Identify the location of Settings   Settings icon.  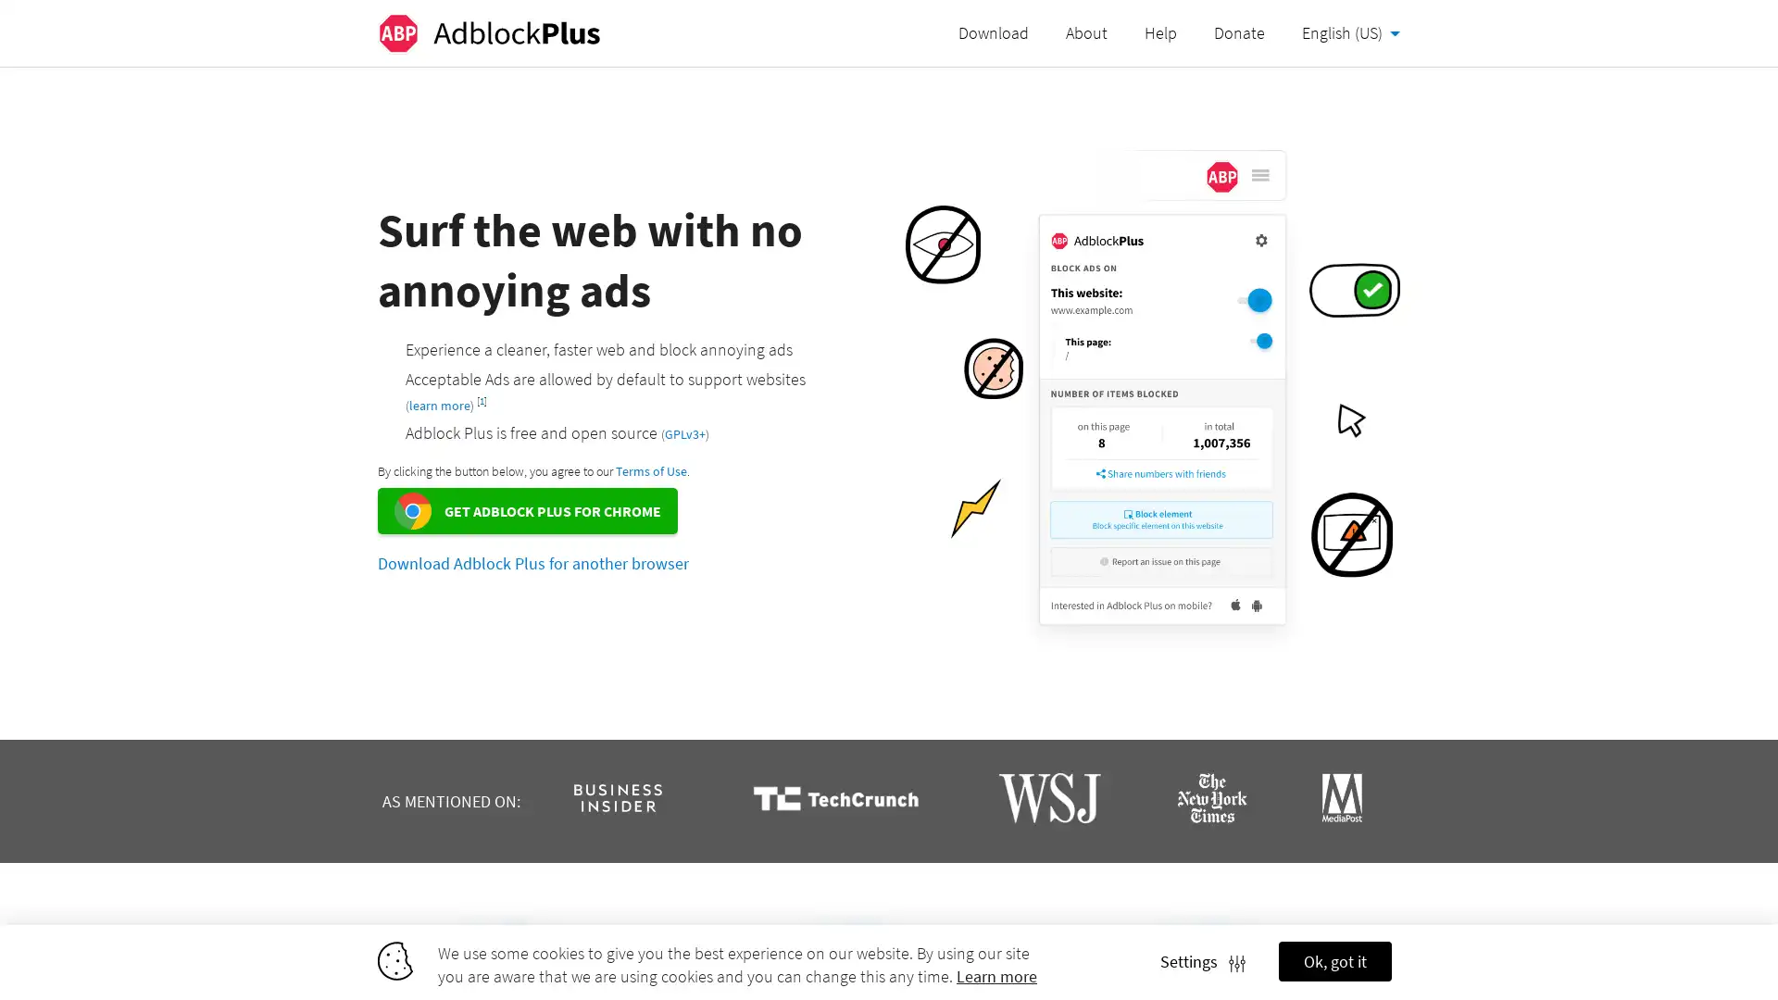
(1203, 959).